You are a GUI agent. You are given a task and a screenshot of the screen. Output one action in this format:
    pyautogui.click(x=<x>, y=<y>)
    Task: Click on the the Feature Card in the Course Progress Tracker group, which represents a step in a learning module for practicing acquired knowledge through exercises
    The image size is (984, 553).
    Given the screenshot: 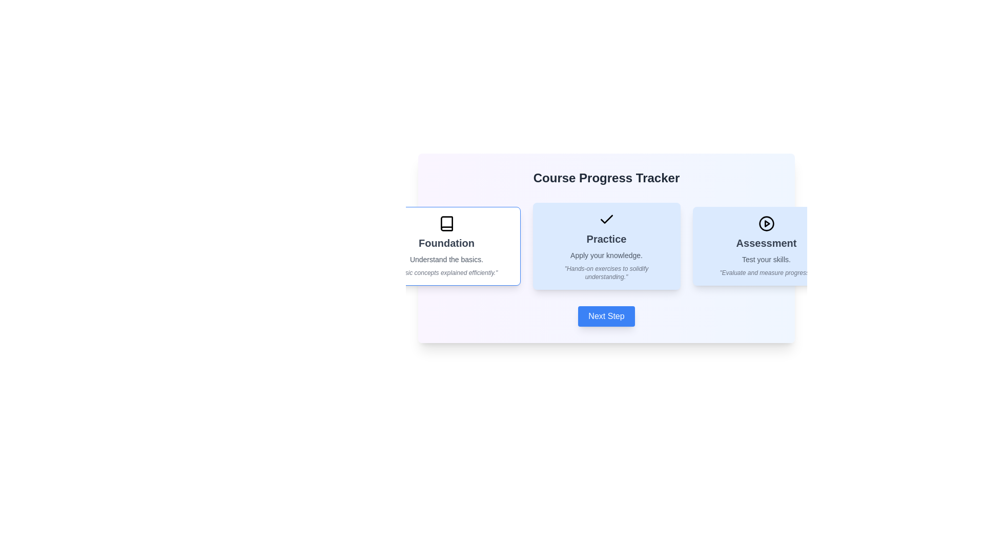 What is the action you would take?
    pyautogui.click(x=606, y=246)
    